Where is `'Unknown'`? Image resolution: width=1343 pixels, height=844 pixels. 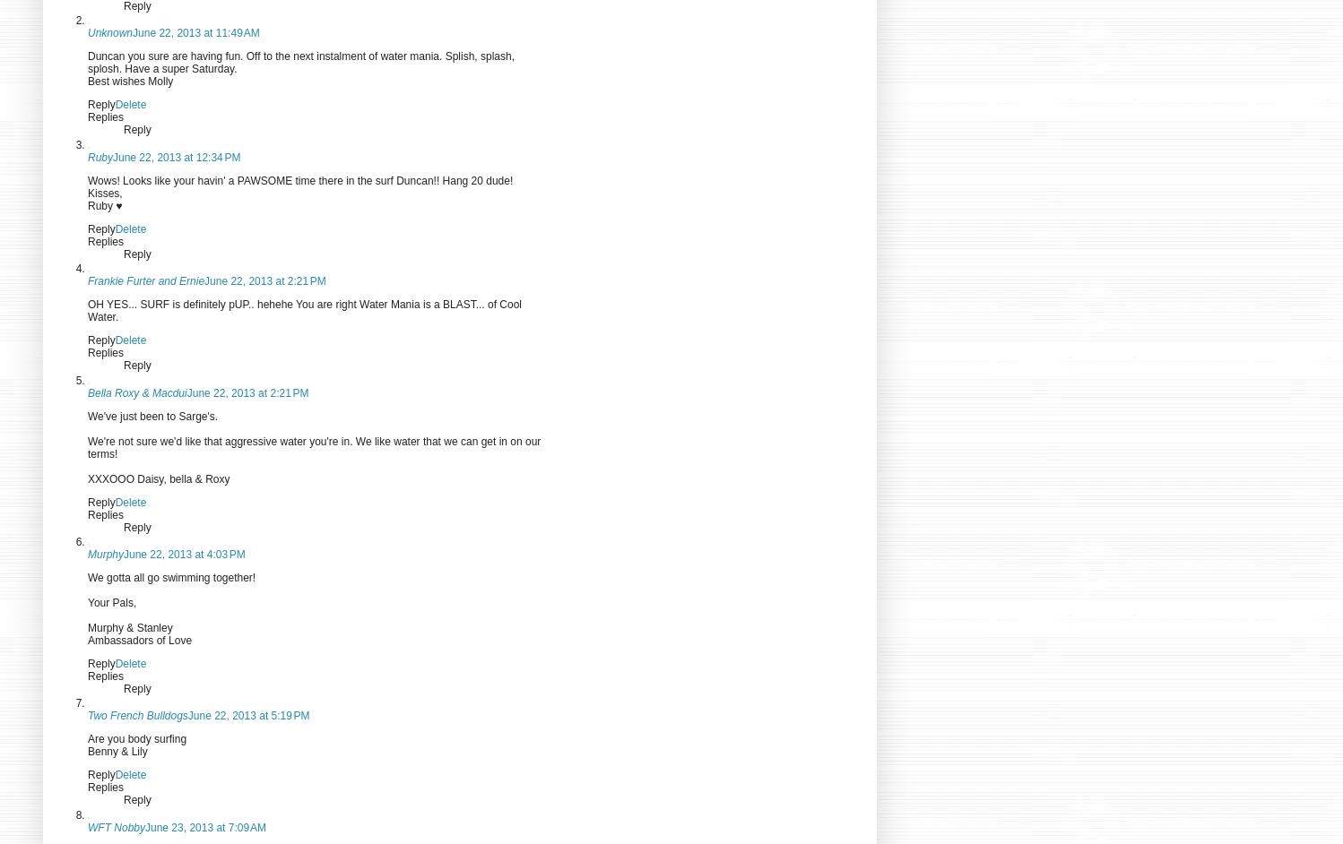
'Unknown' is located at coordinates (109, 33).